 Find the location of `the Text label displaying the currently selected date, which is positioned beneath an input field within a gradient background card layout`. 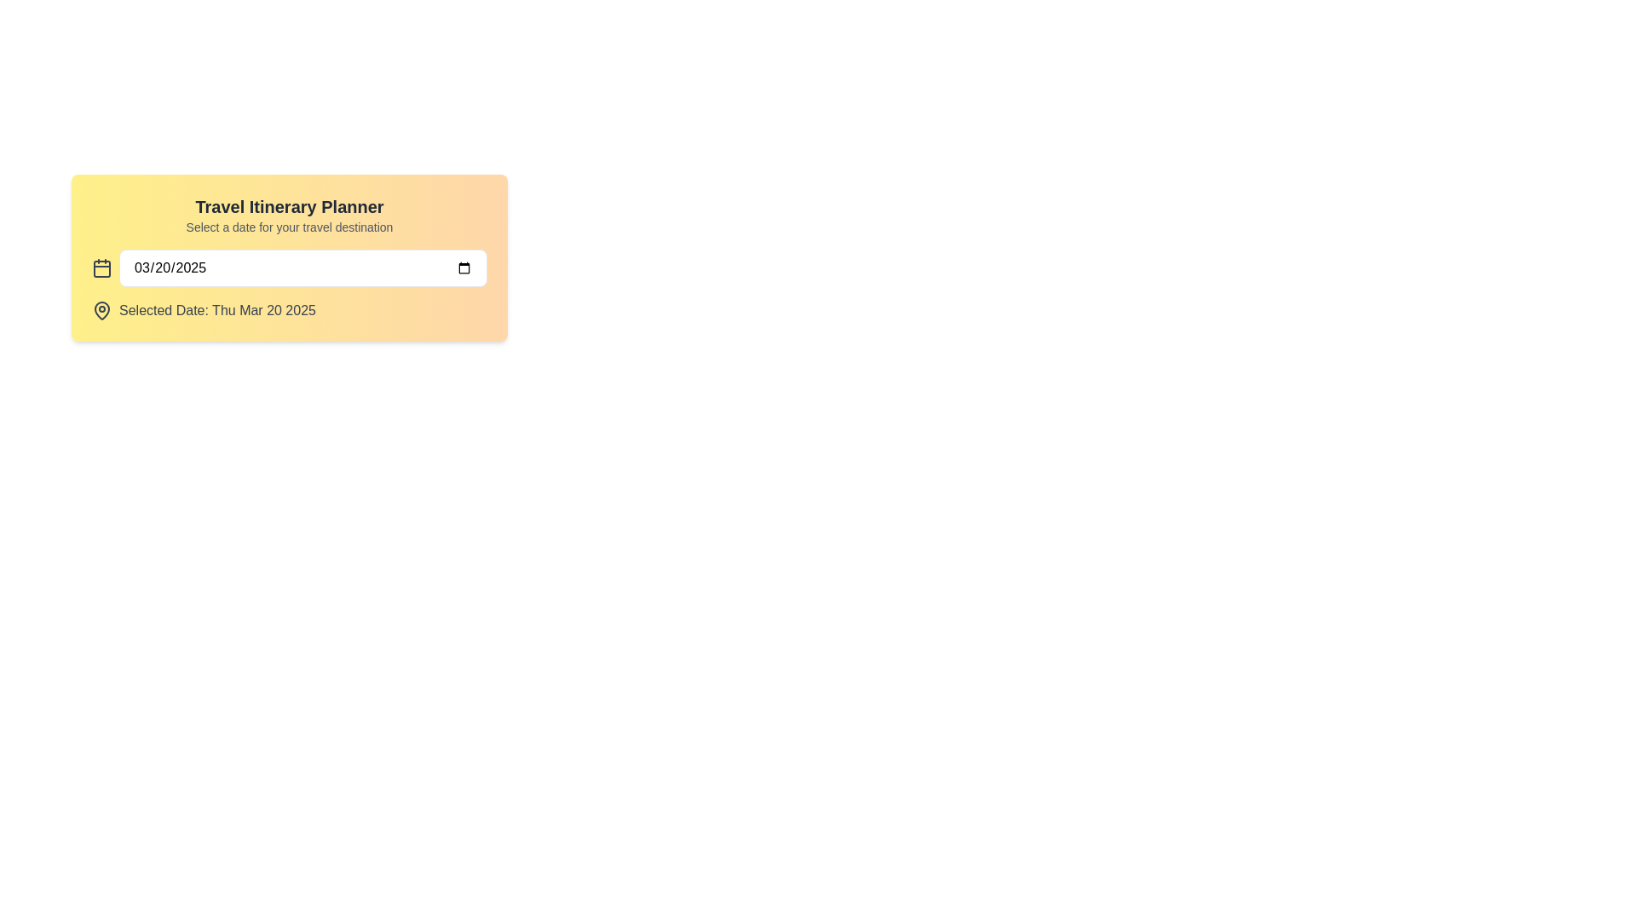

the Text label displaying the currently selected date, which is positioned beneath an input field within a gradient background card layout is located at coordinates (290, 311).